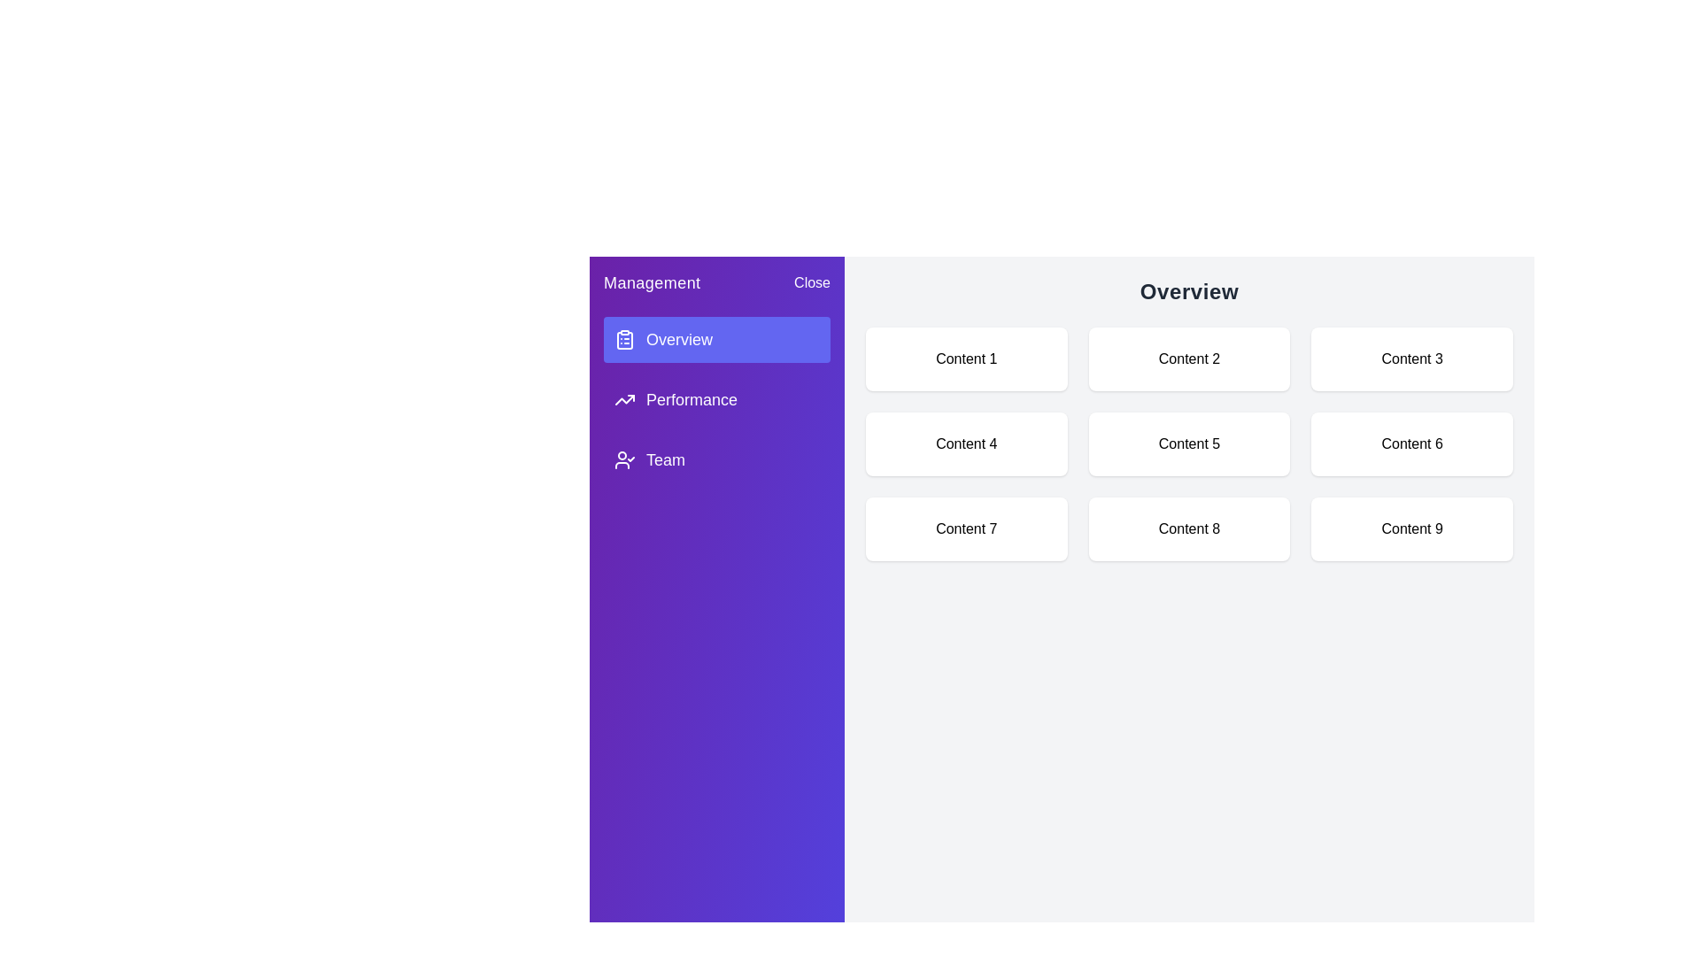 The image size is (1700, 956). I want to click on the title and description of the current section by focusing on the main content area, so click(1189, 291).